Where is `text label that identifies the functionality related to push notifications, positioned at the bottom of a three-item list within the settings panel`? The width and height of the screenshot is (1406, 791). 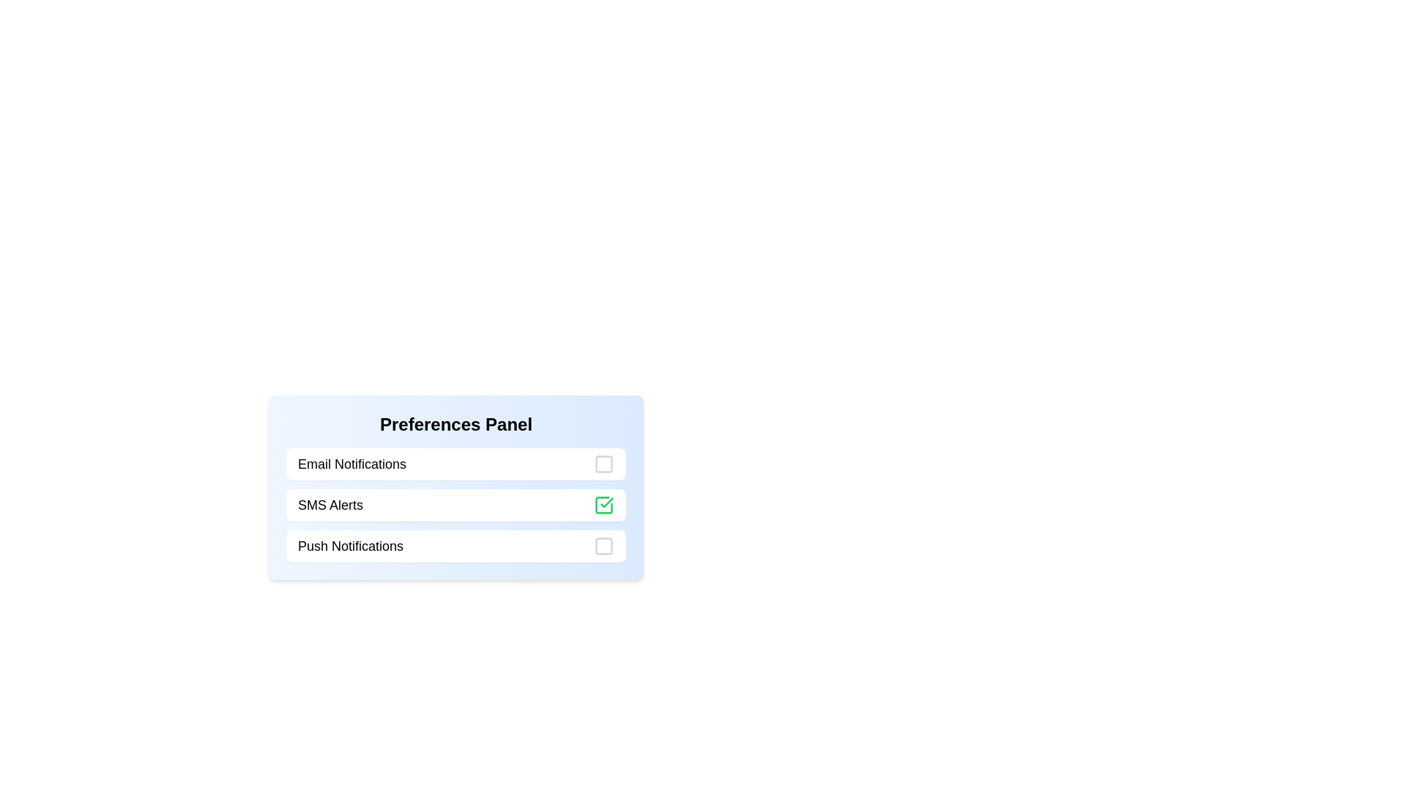 text label that identifies the functionality related to push notifications, positioned at the bottom of a three-item list within the settings panel is located at coordinates (350, 546).